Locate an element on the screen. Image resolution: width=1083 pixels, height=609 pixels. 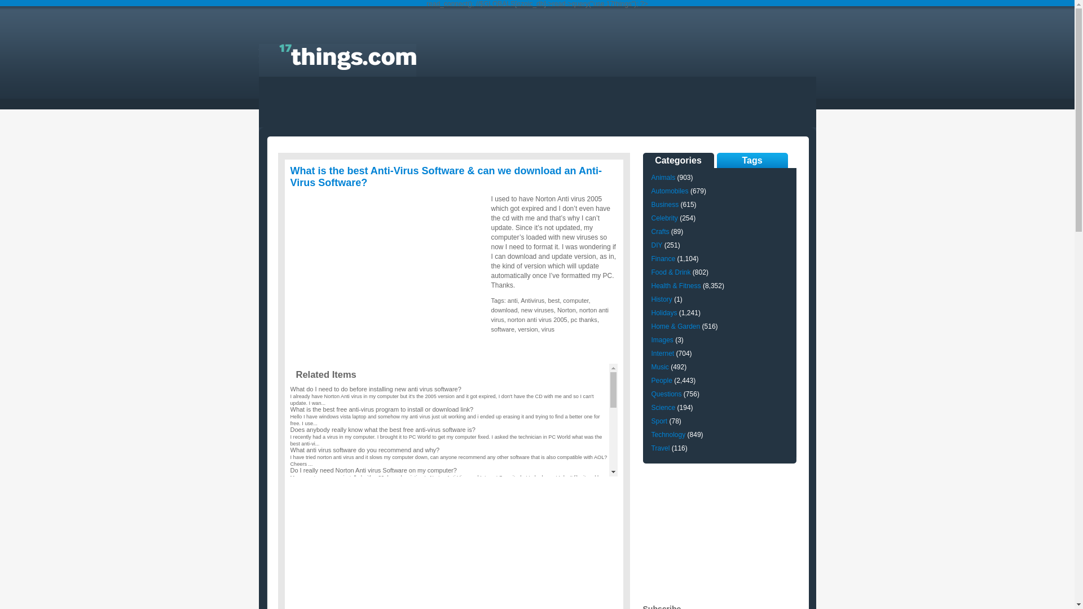
'computer' is located at coordinates (575, 299).